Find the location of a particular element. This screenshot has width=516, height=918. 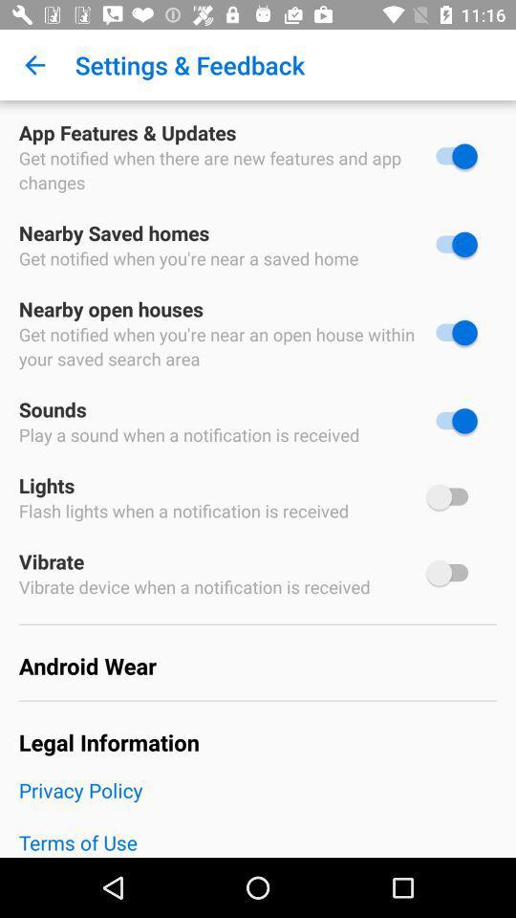

the icon above the terms of use is located at coordinates (258, 802).